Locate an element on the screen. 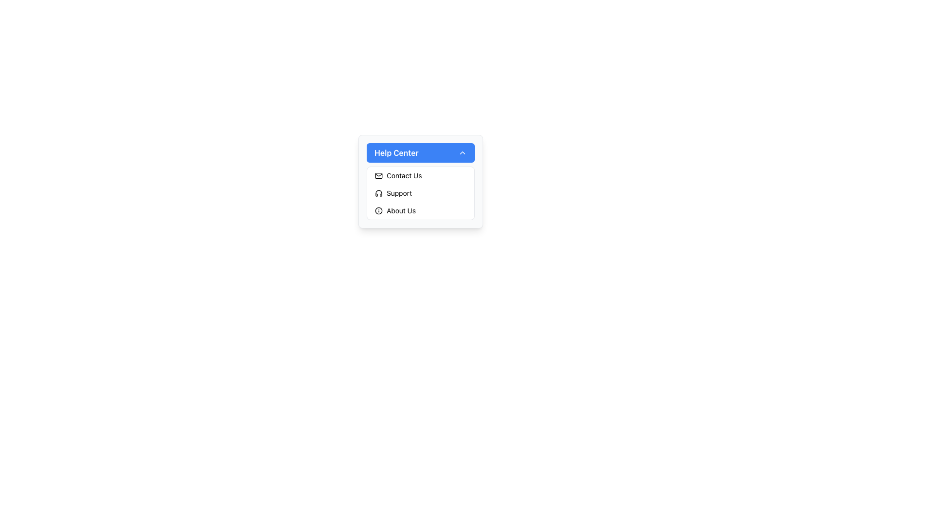  the text label indicating the 'Help Center' dropdown button, which is positioned at the top of the button and serves as its title is located at coordinates (396, 152).